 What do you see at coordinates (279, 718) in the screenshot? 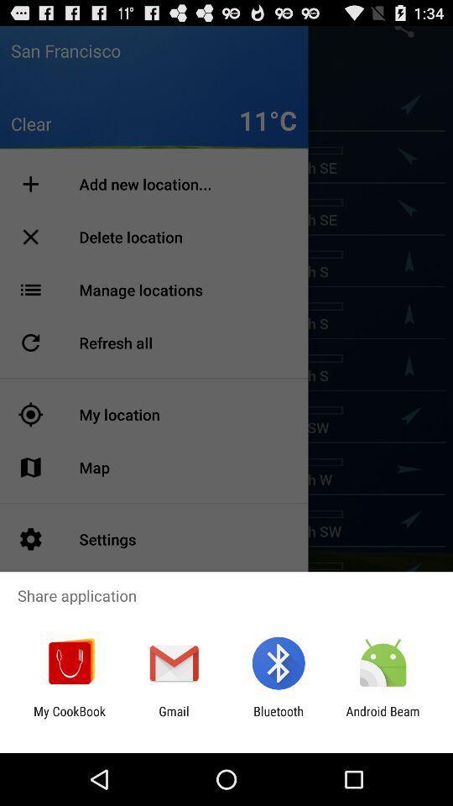
I see `item to the right of the gmail icon` at bounding box center [279, 718].